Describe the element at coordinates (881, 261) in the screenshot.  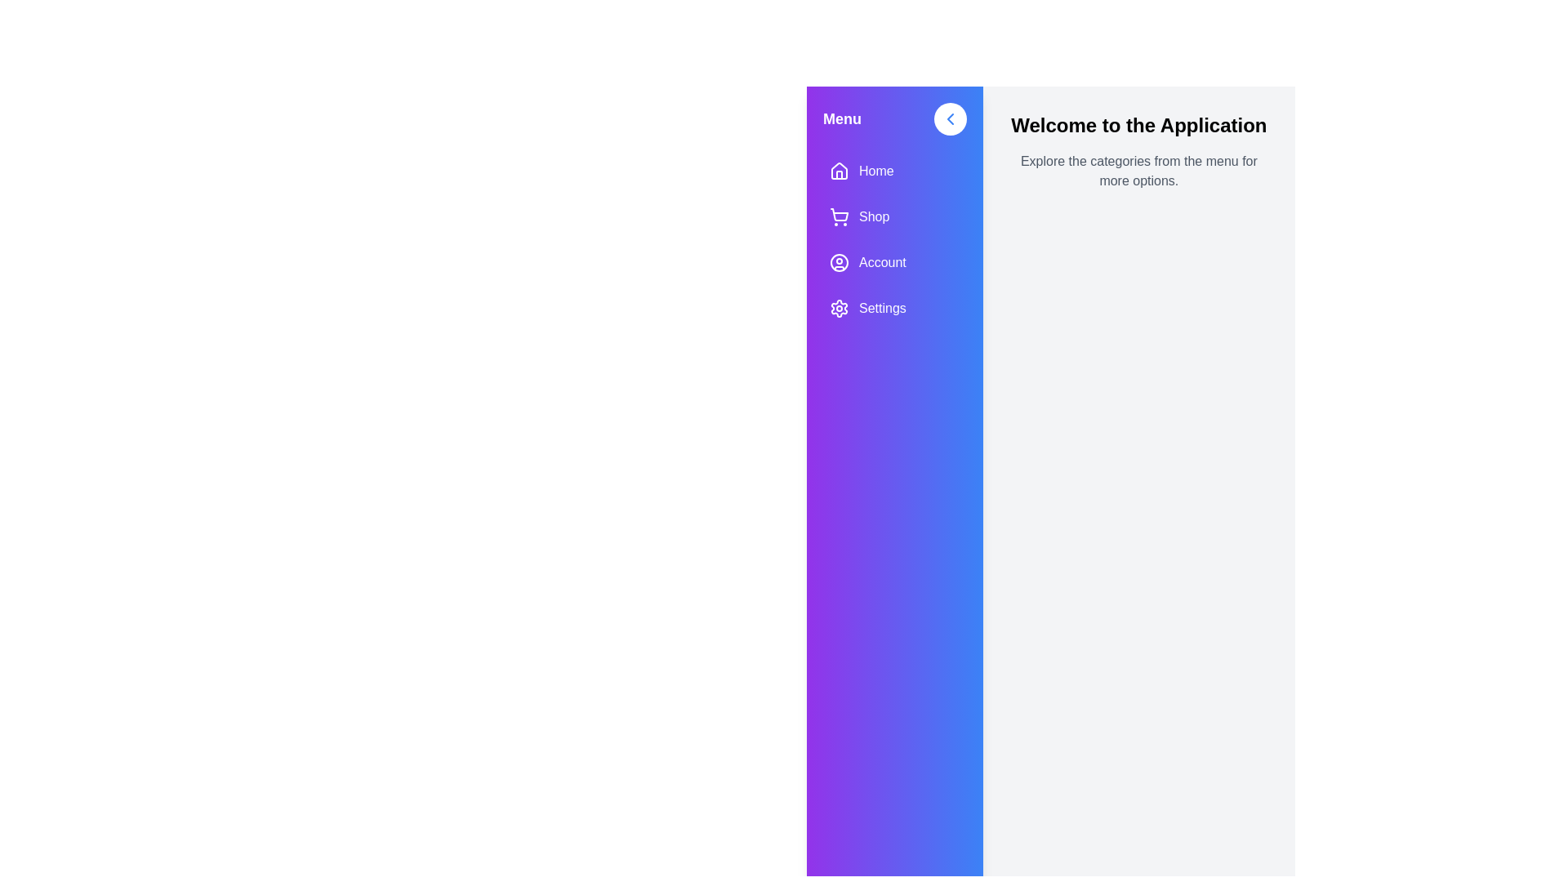
I see `text of the 'Account' label in the vertical navigation menu, which is the third item from the top, providing a descriptor for the account page` at that location.